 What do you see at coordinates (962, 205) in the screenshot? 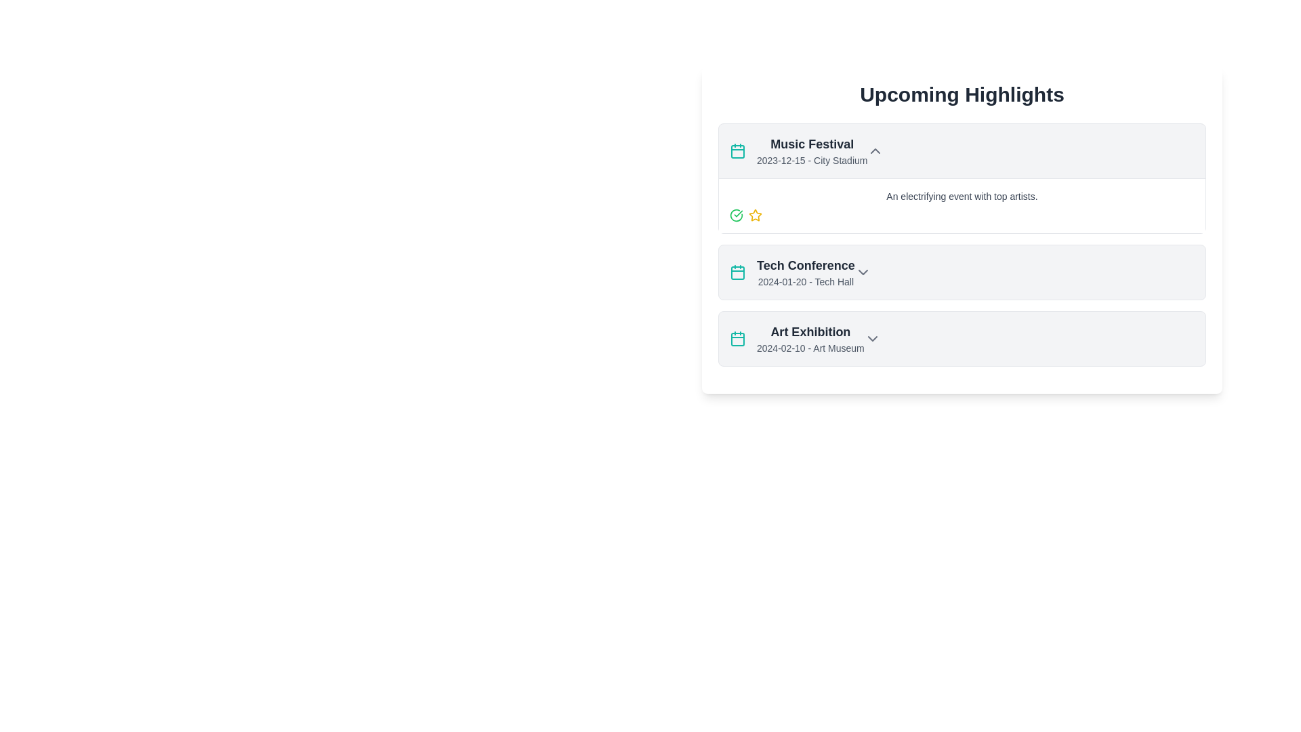
I see `the text block that reads 'An electrifying event with top artists.' located in the 'Upcoming Highlights' section under the 'Music Festival' item` at bounding box center [962, 205].